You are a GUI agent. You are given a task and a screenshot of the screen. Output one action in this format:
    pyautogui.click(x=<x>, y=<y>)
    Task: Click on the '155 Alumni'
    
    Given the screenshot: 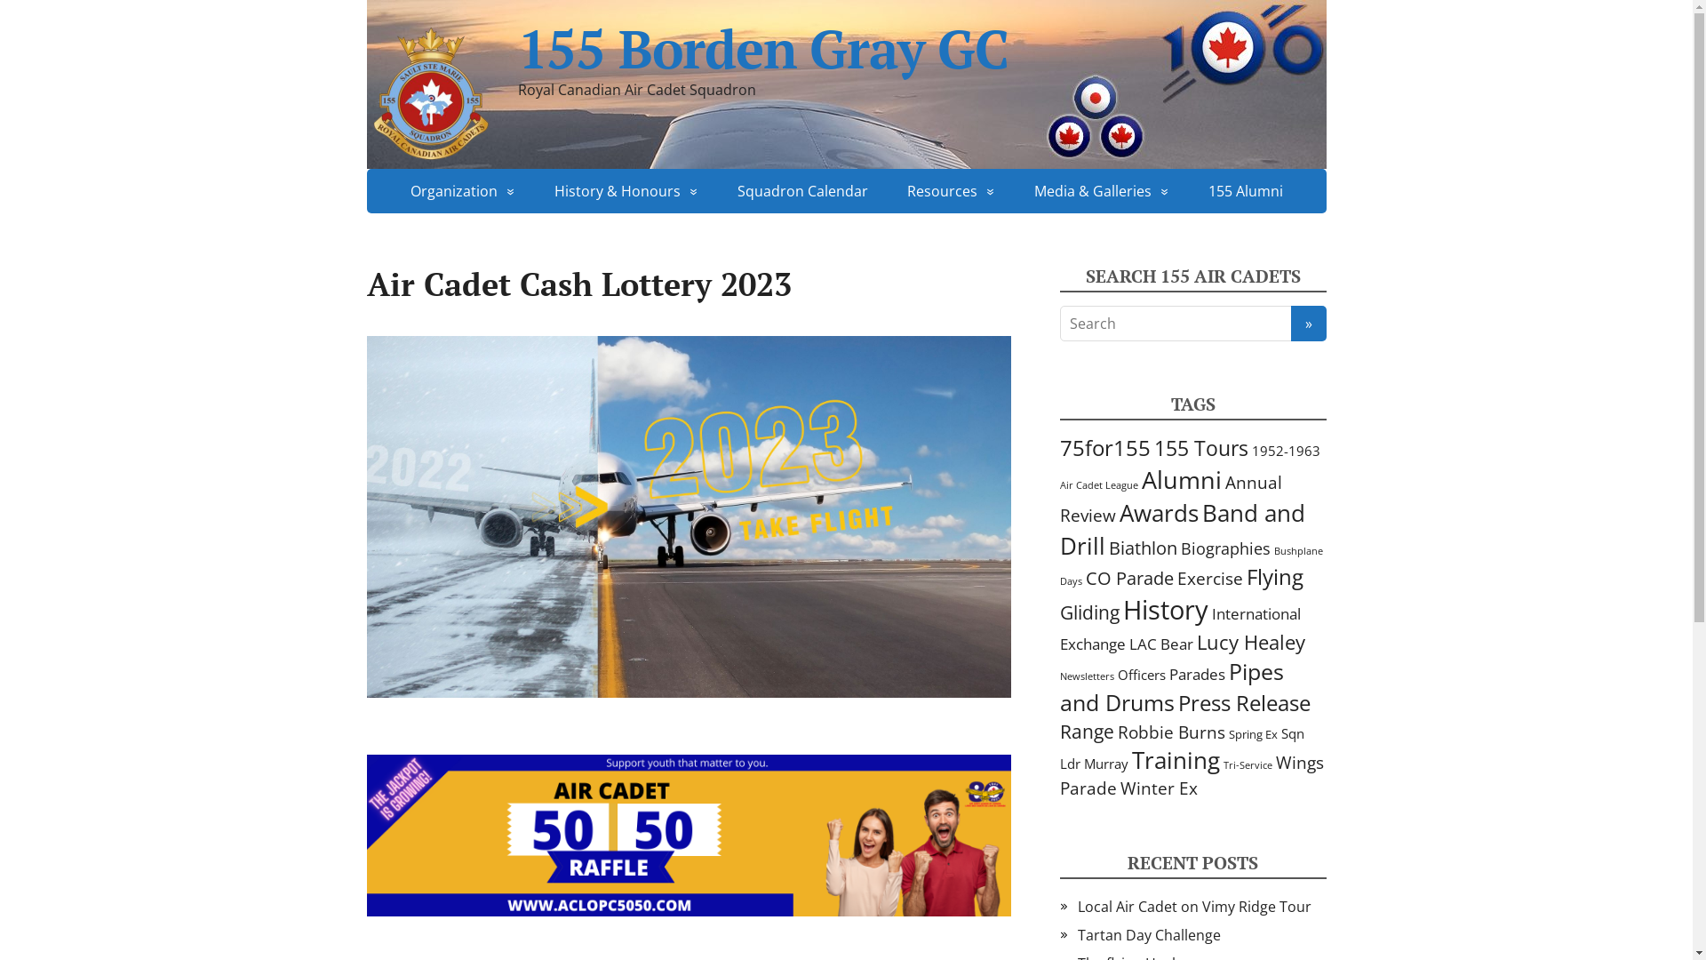 What is the action you would take?
    pyautogui.click(x=1190, y=191)
    